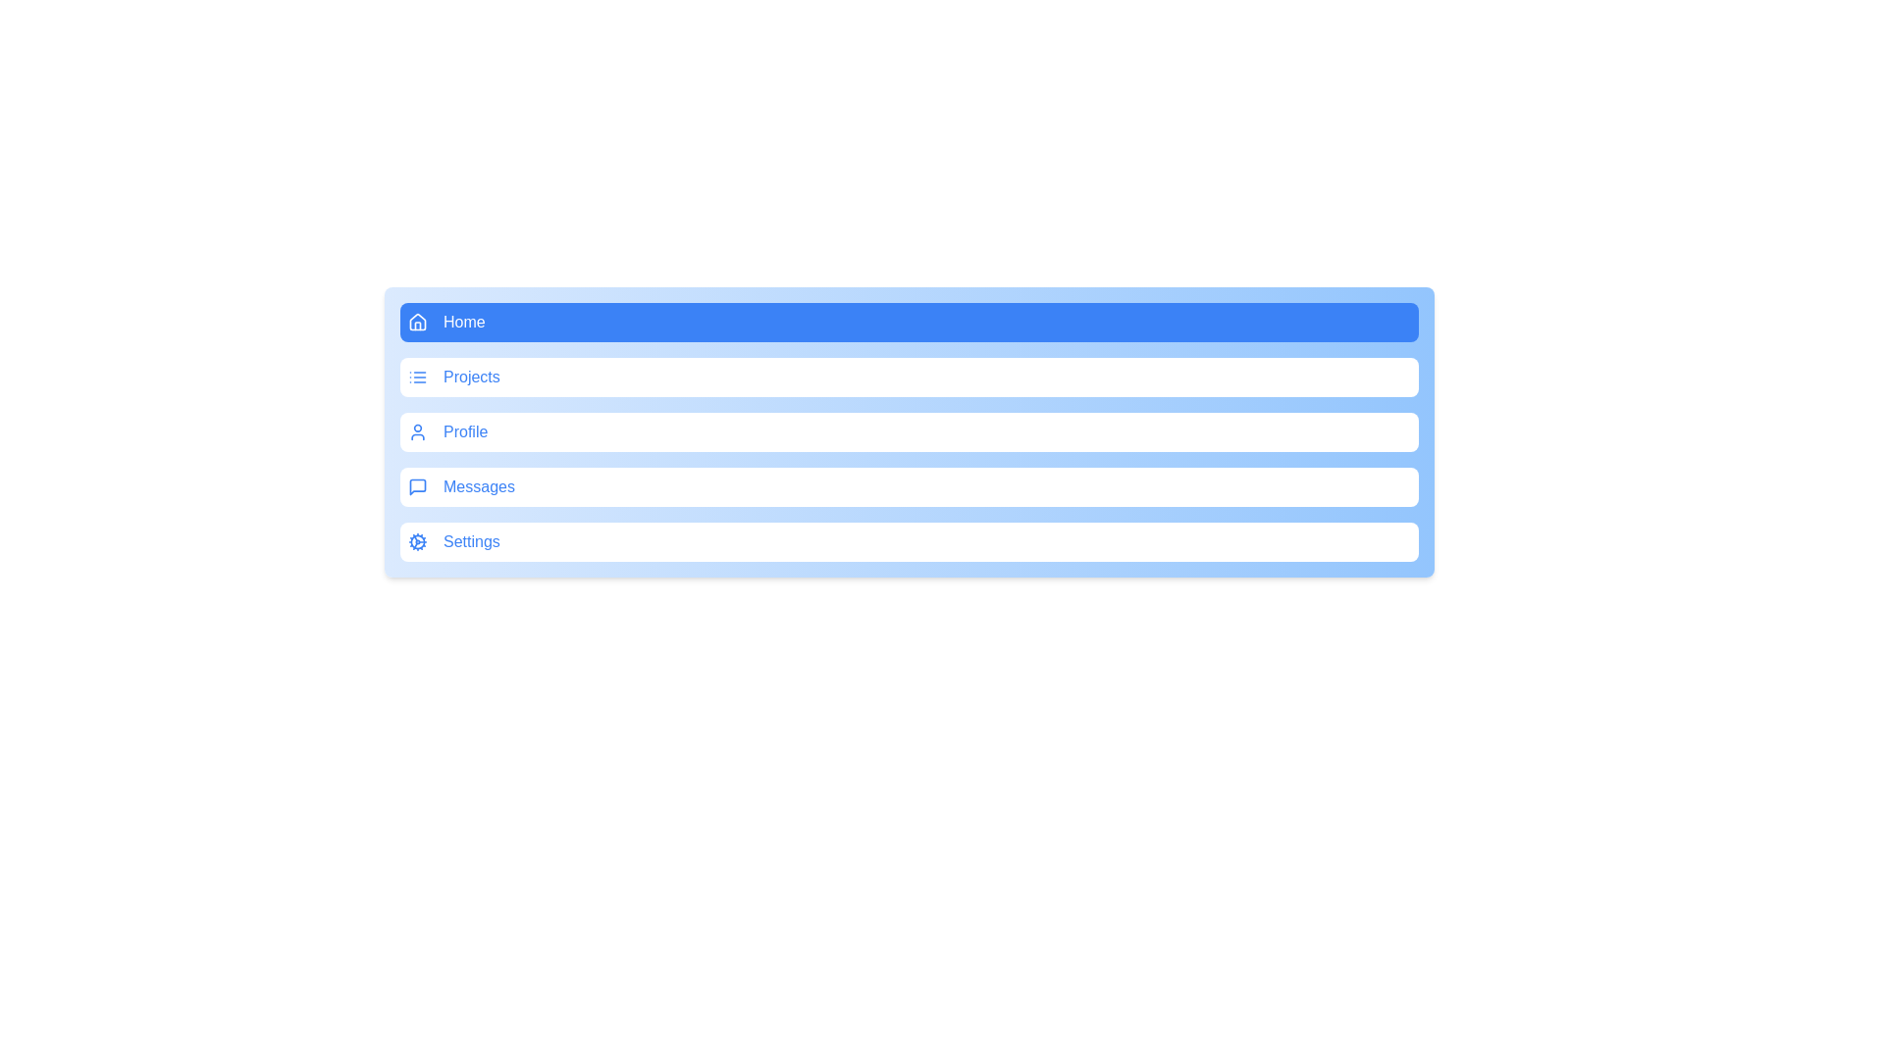 The width and height of the screenshot is (1884, 1059). I want to click on the navigation item labeled Projects, so click(908, 378).